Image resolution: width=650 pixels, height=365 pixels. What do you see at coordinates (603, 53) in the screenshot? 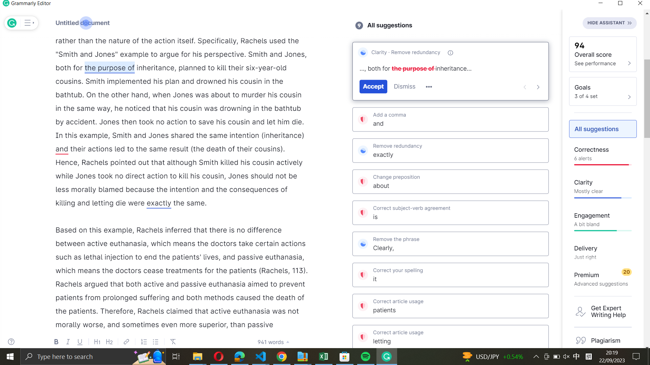
I see `overall performance markings` at bounding box center [603, 53].